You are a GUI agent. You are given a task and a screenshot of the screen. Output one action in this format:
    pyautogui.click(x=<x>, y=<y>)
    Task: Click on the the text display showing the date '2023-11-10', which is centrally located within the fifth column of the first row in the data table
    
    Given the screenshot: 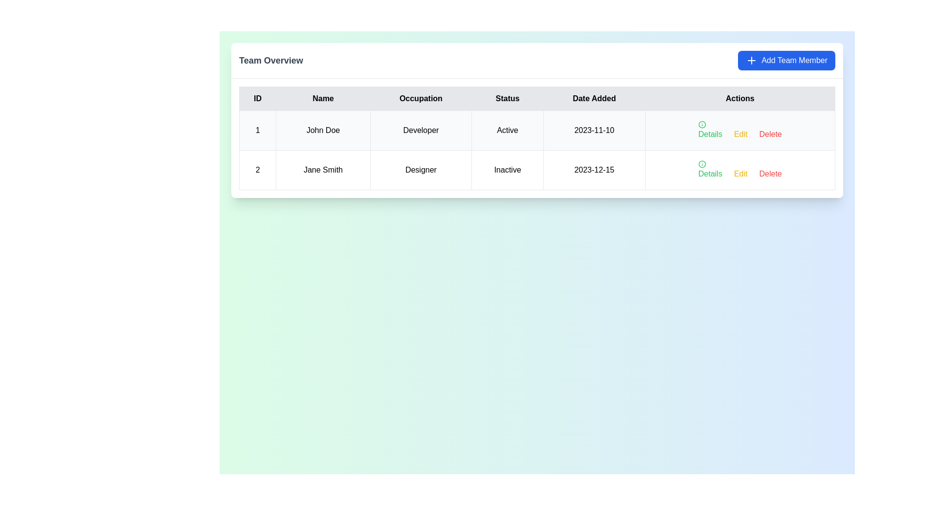 What is the action you would take?
    pyautogui.click(x=594, y=130)
    